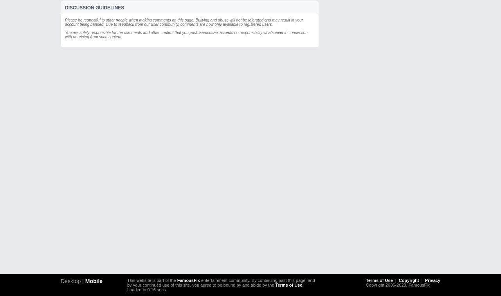 This screenshot has width=501, height=296. What do you see at coordinates (188, 280) in the screenshot?
I see `'FamousFix'` at bounding box center [188, 280].